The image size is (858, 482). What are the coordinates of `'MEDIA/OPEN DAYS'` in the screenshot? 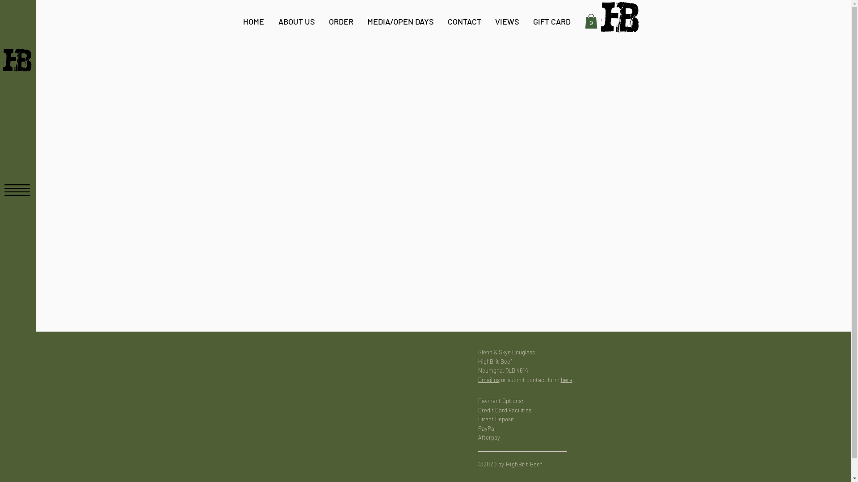 It's located at (400, 21).